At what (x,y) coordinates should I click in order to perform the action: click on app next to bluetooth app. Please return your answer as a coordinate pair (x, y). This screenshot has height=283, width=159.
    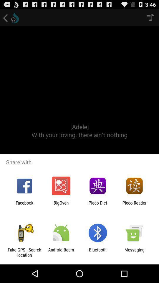
    Looking at the image, I should click on (61, 252).